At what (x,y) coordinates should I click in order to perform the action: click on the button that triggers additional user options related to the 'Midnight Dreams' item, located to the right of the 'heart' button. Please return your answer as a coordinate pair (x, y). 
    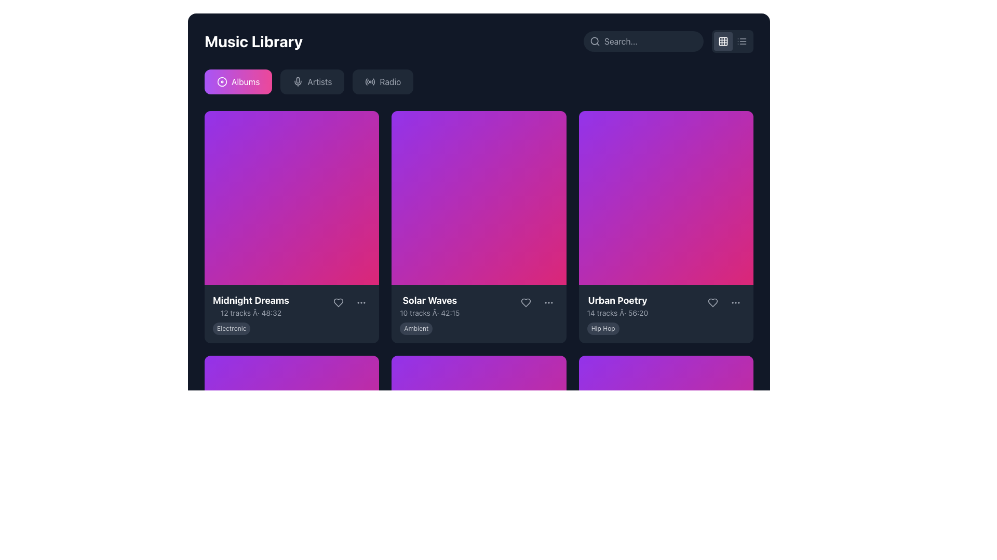
    Looking at the image, I should click on (361, 303).